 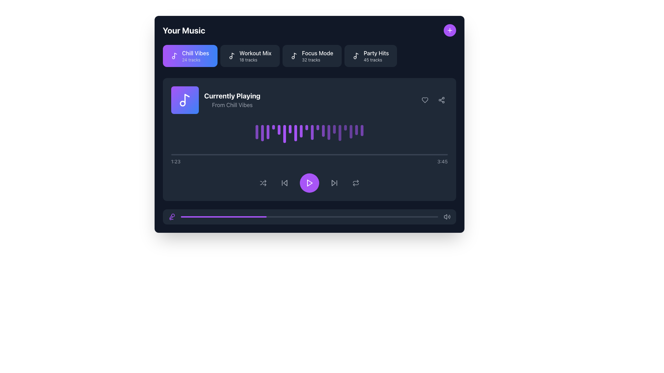 What do you see at coordinates (232, 100) in the screenshot?
I see `the Text Label that displays the title and source of the currently playing music track to interact with possible surrounding elements` at bounding box center [232, 100].